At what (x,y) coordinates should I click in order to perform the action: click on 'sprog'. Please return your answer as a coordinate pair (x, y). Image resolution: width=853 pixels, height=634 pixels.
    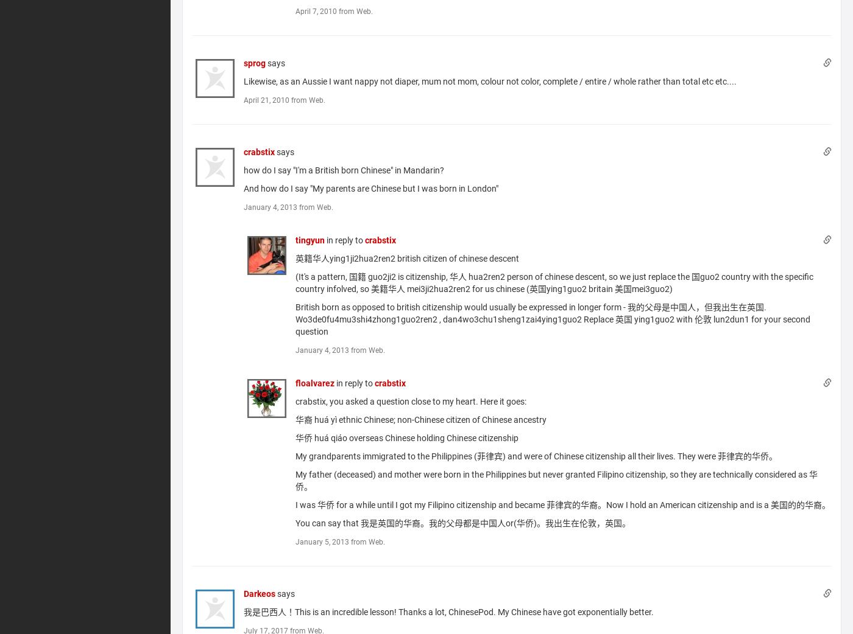
    Looking at the image, I should click on (255, 63).